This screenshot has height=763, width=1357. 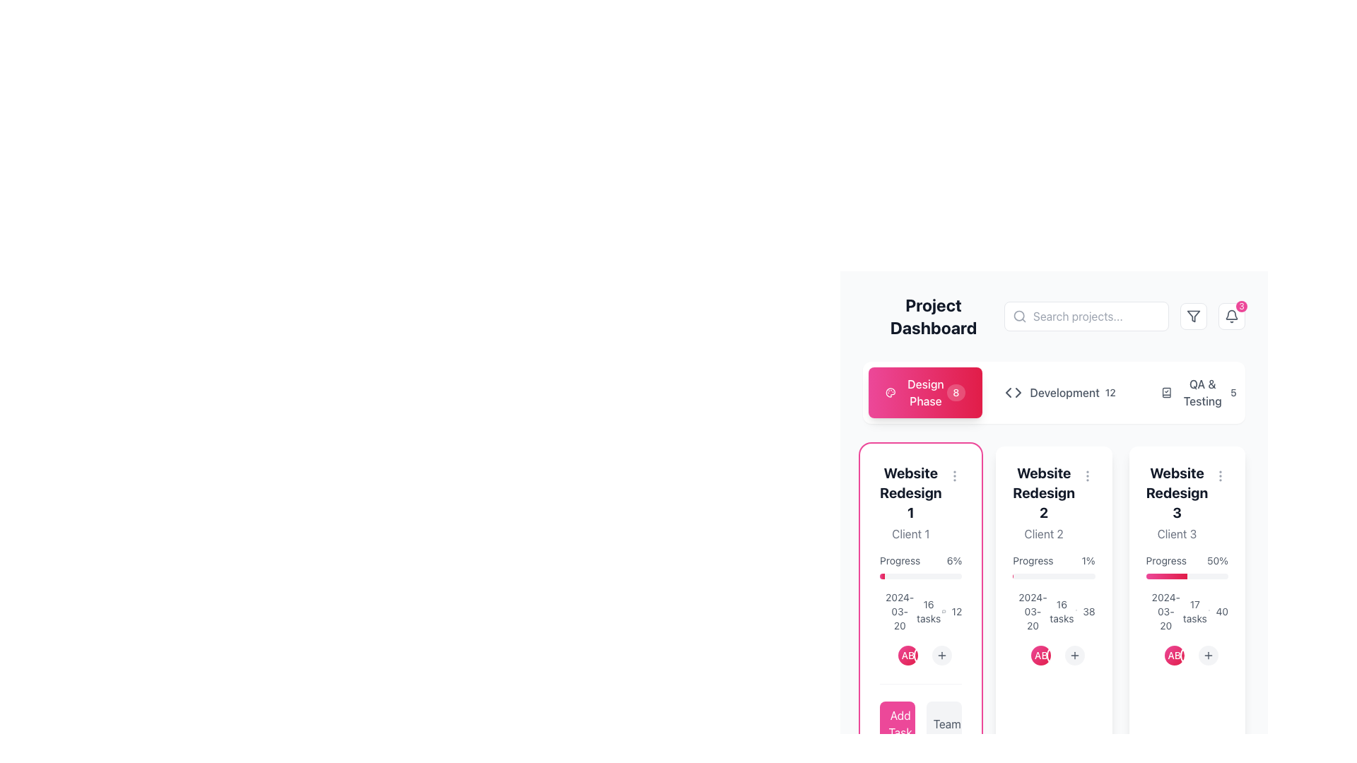 I want to click on the 'QA & Testing' button, which features a book icon with a checkmark and a badge displaying the number '5', so click(x=1200, y=392).